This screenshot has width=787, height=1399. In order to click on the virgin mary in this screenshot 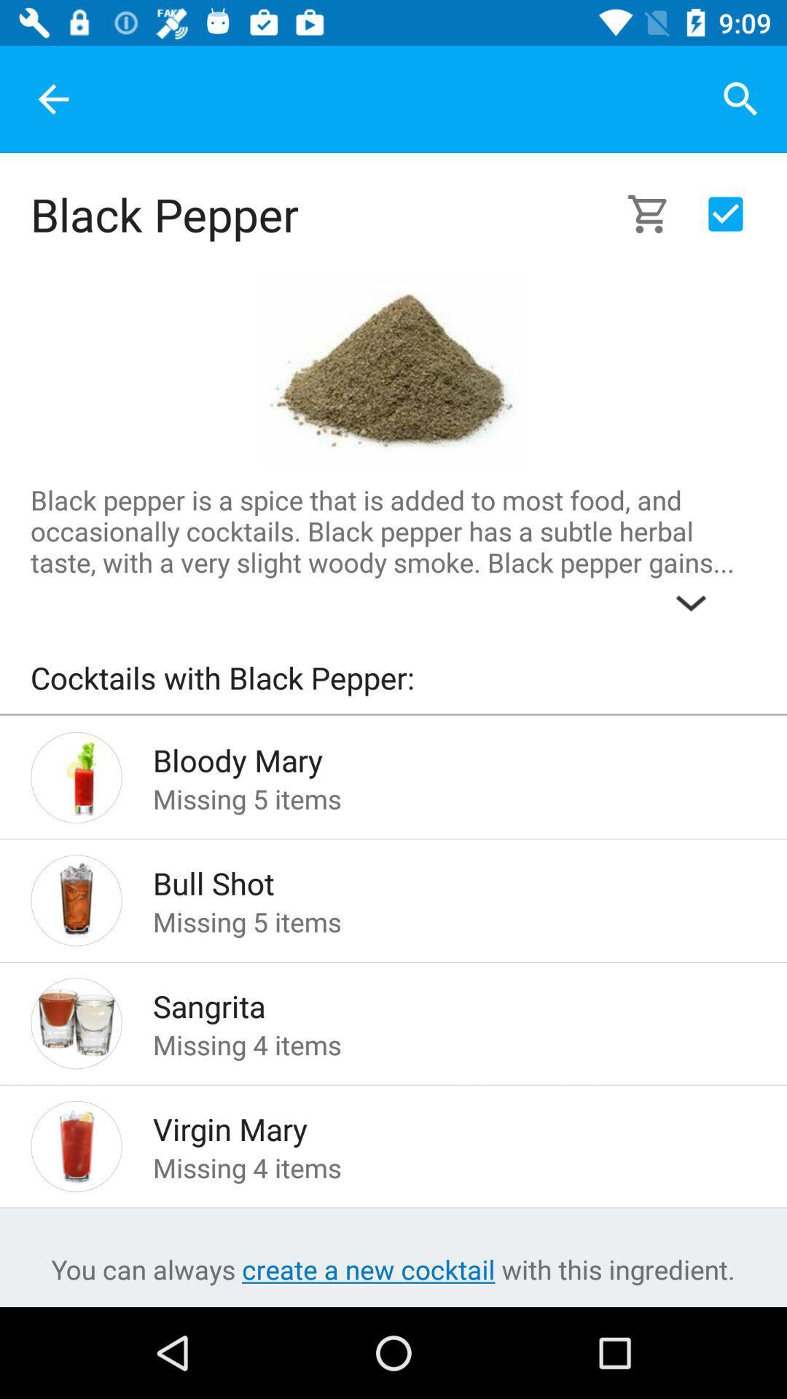, I will do `click(431, 1124)`.